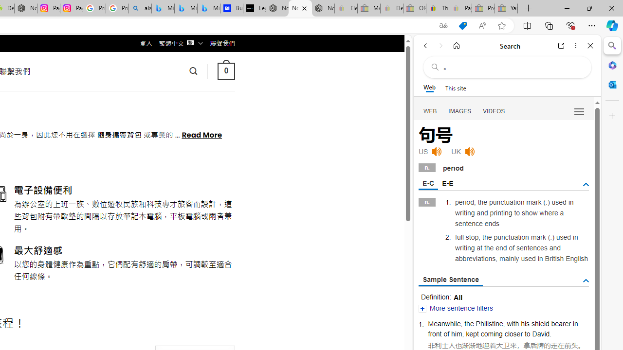 The height and width of the screenshot is (350, 623). What do you see at coordinates (430, 110) in the screenshot?
I see `'WEB'` at bounding box center [430, 110].